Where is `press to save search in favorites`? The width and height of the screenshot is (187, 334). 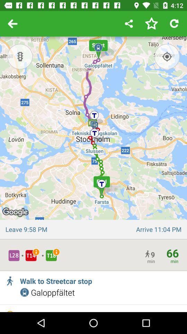 press to save search in favorites is located at coordinates (151, 24).